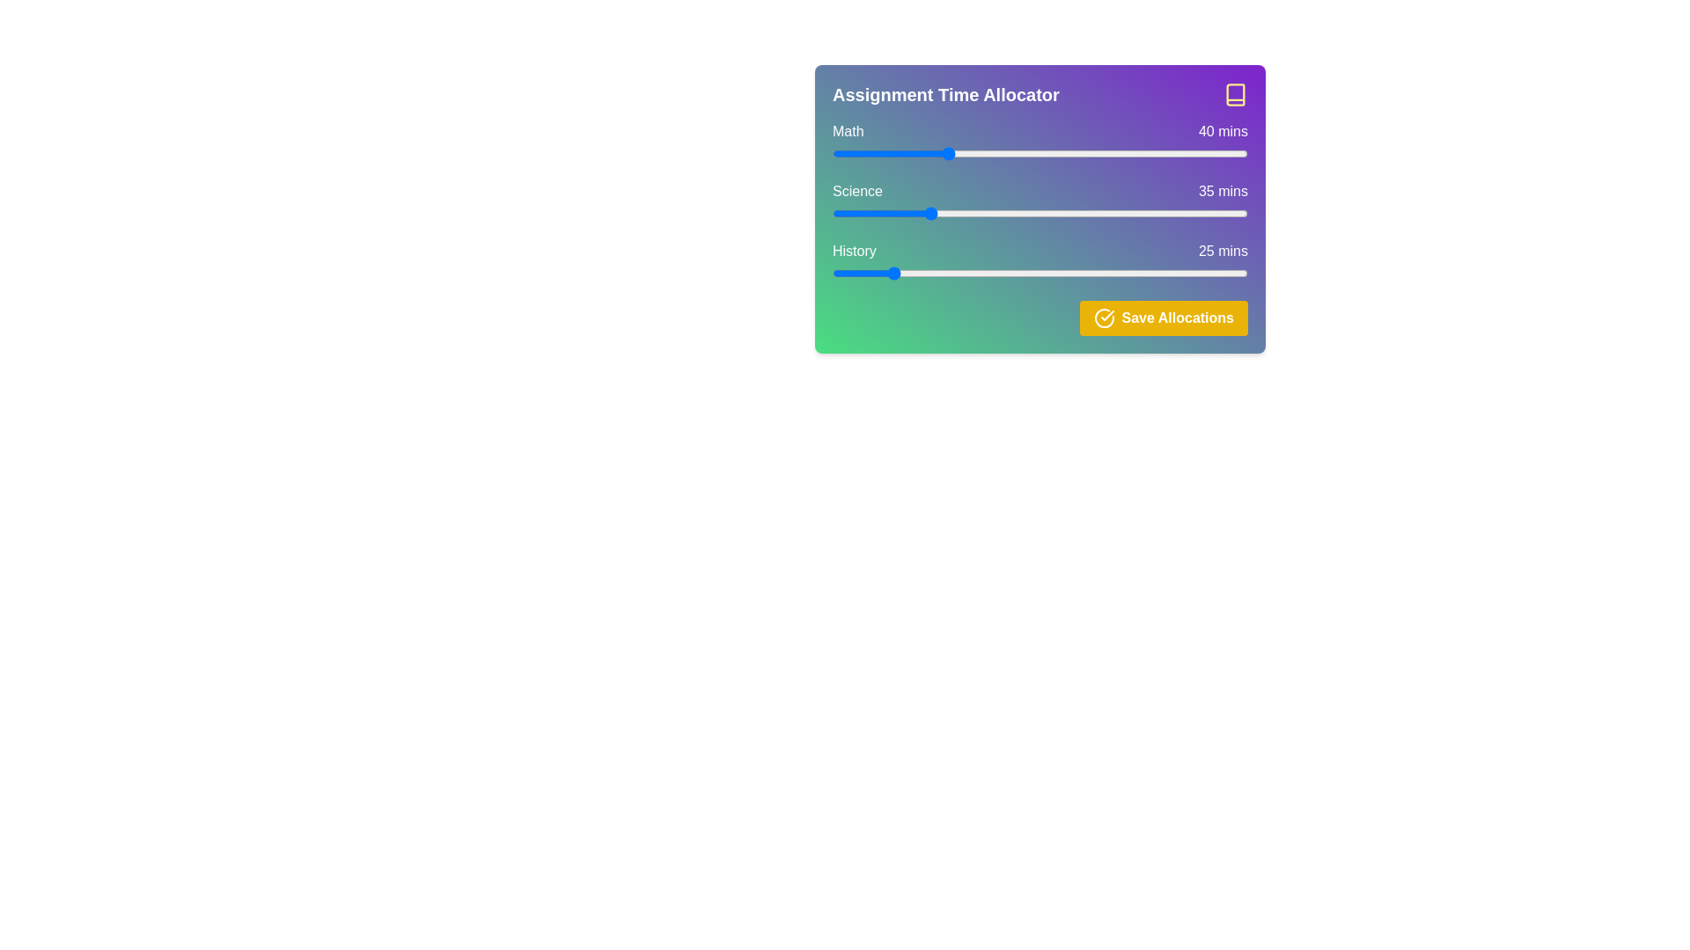 This screenshot has height=950, width=1690. I want to click on the icon located at the top right corner of the 'Assignment Time Allocator' header, which is adjacent to the title text, so click(1234, 95).